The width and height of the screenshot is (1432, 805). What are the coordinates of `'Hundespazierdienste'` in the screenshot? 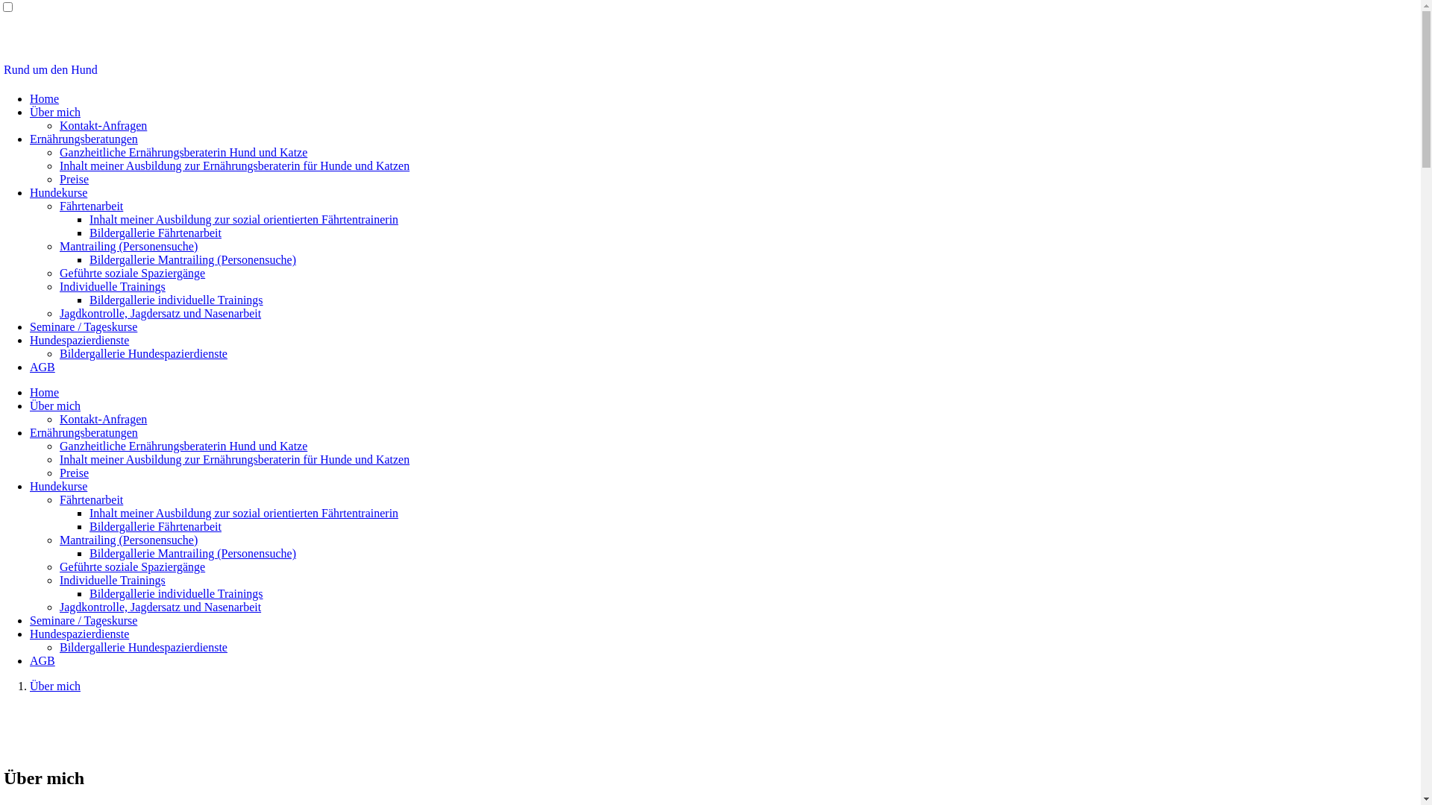 It's located at (78, 634).